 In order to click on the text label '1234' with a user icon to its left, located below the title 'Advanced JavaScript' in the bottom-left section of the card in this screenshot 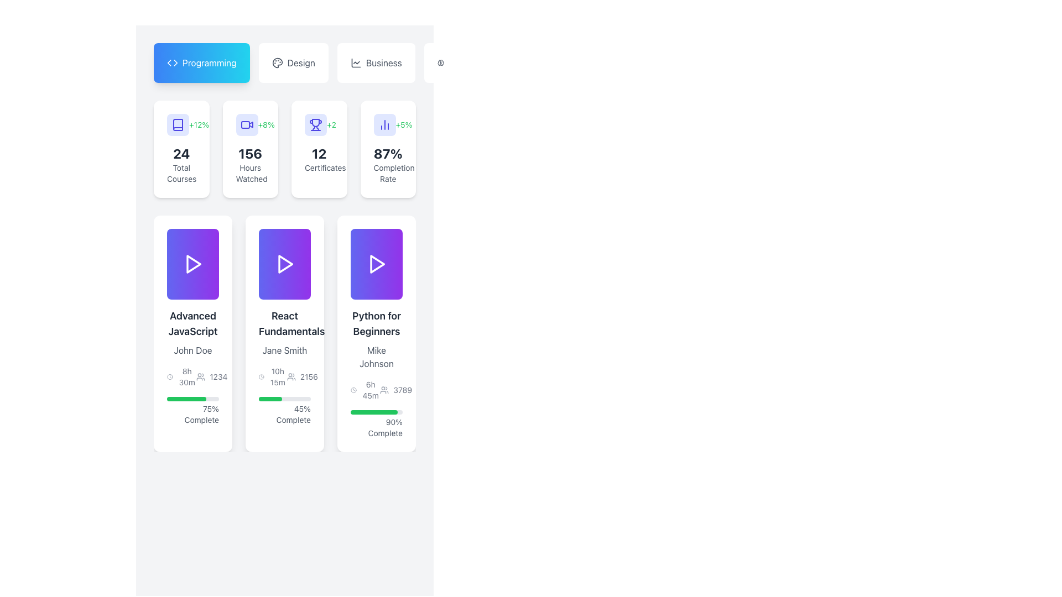, I will do `click(212, 376)`.